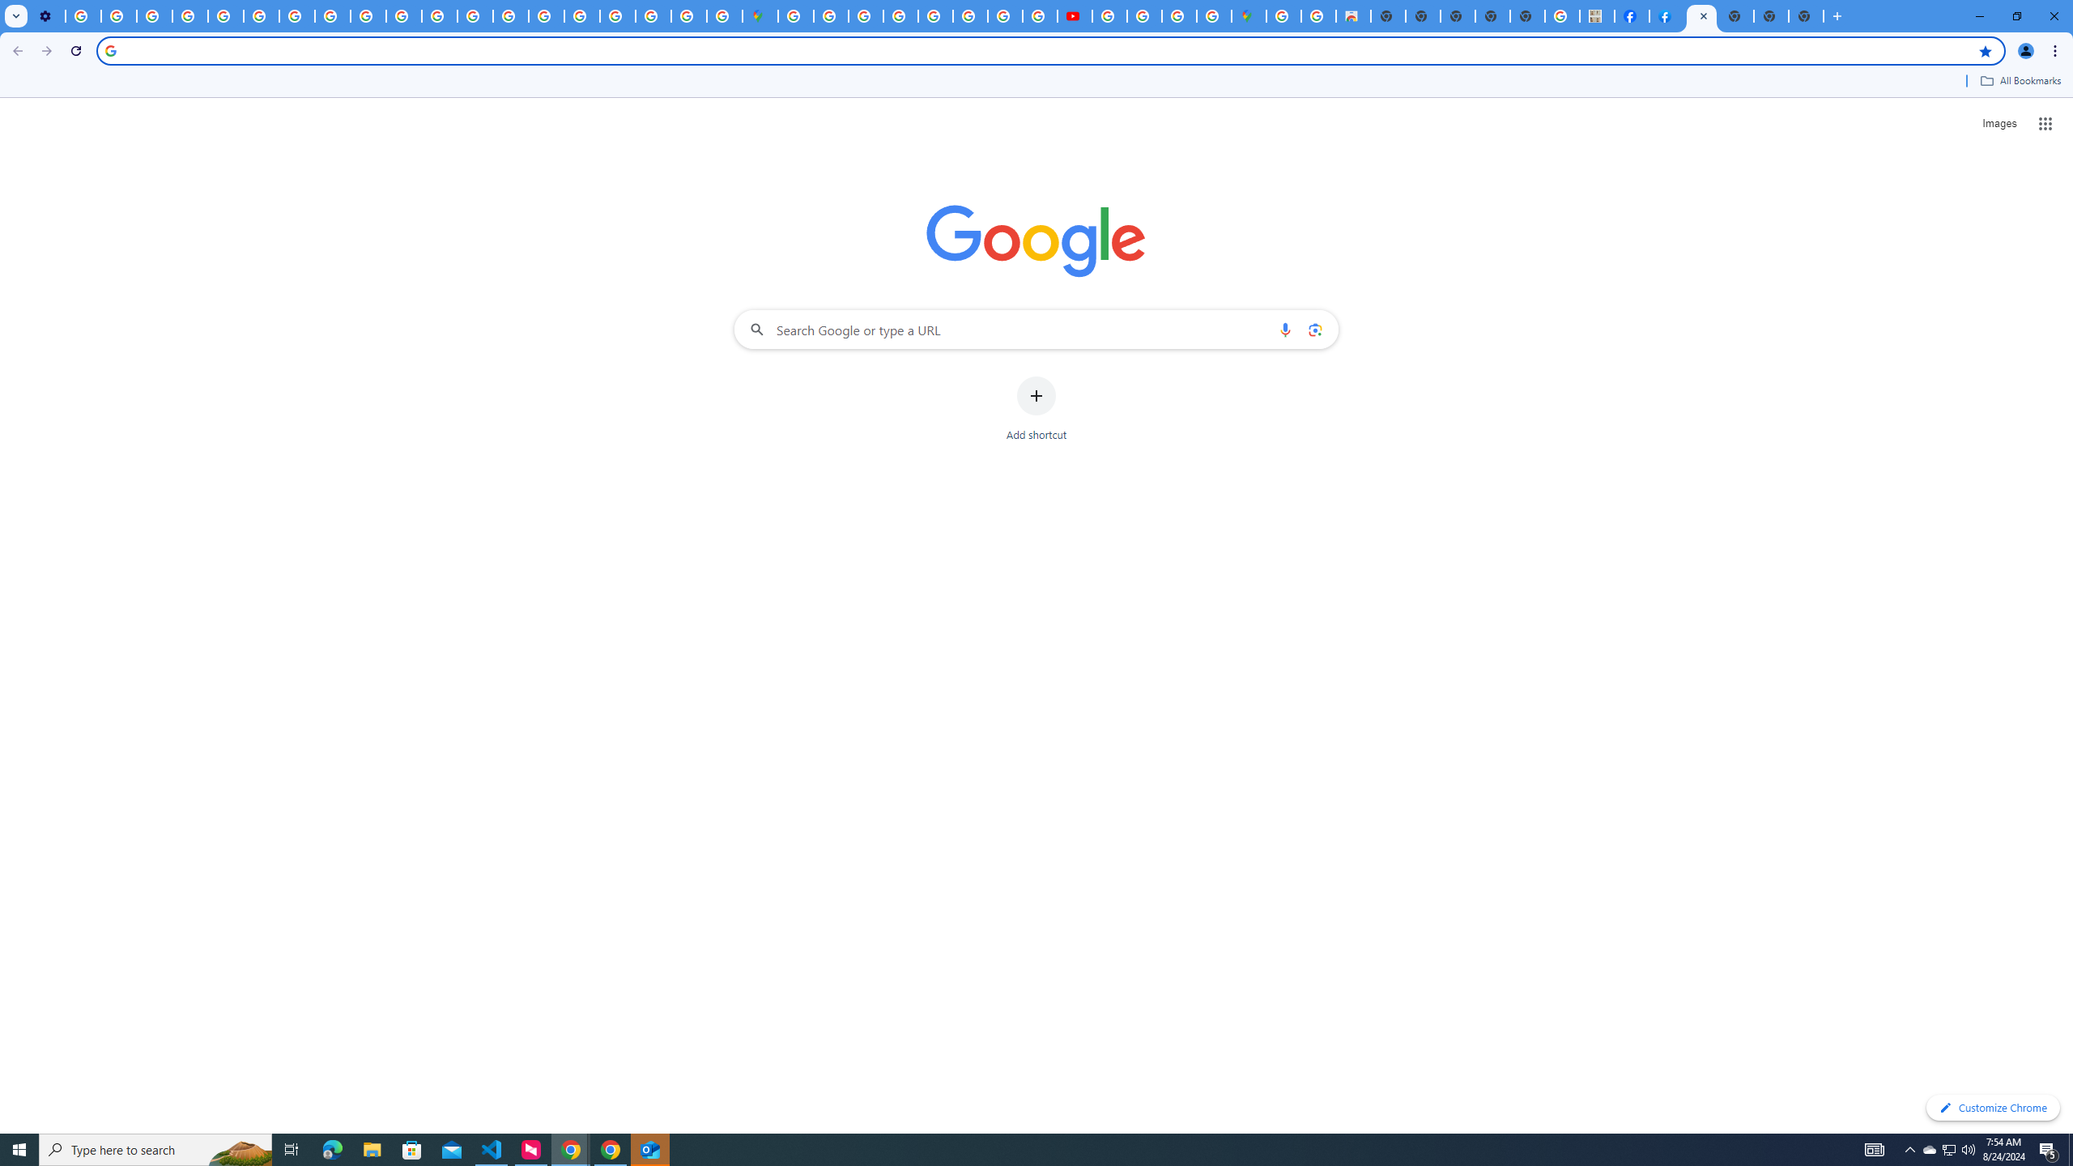  What do you see at coordinates (1074, 15) in the screenshot?
I see `'Subscriptions - YouTube'` at bounding box center [1074, 15].